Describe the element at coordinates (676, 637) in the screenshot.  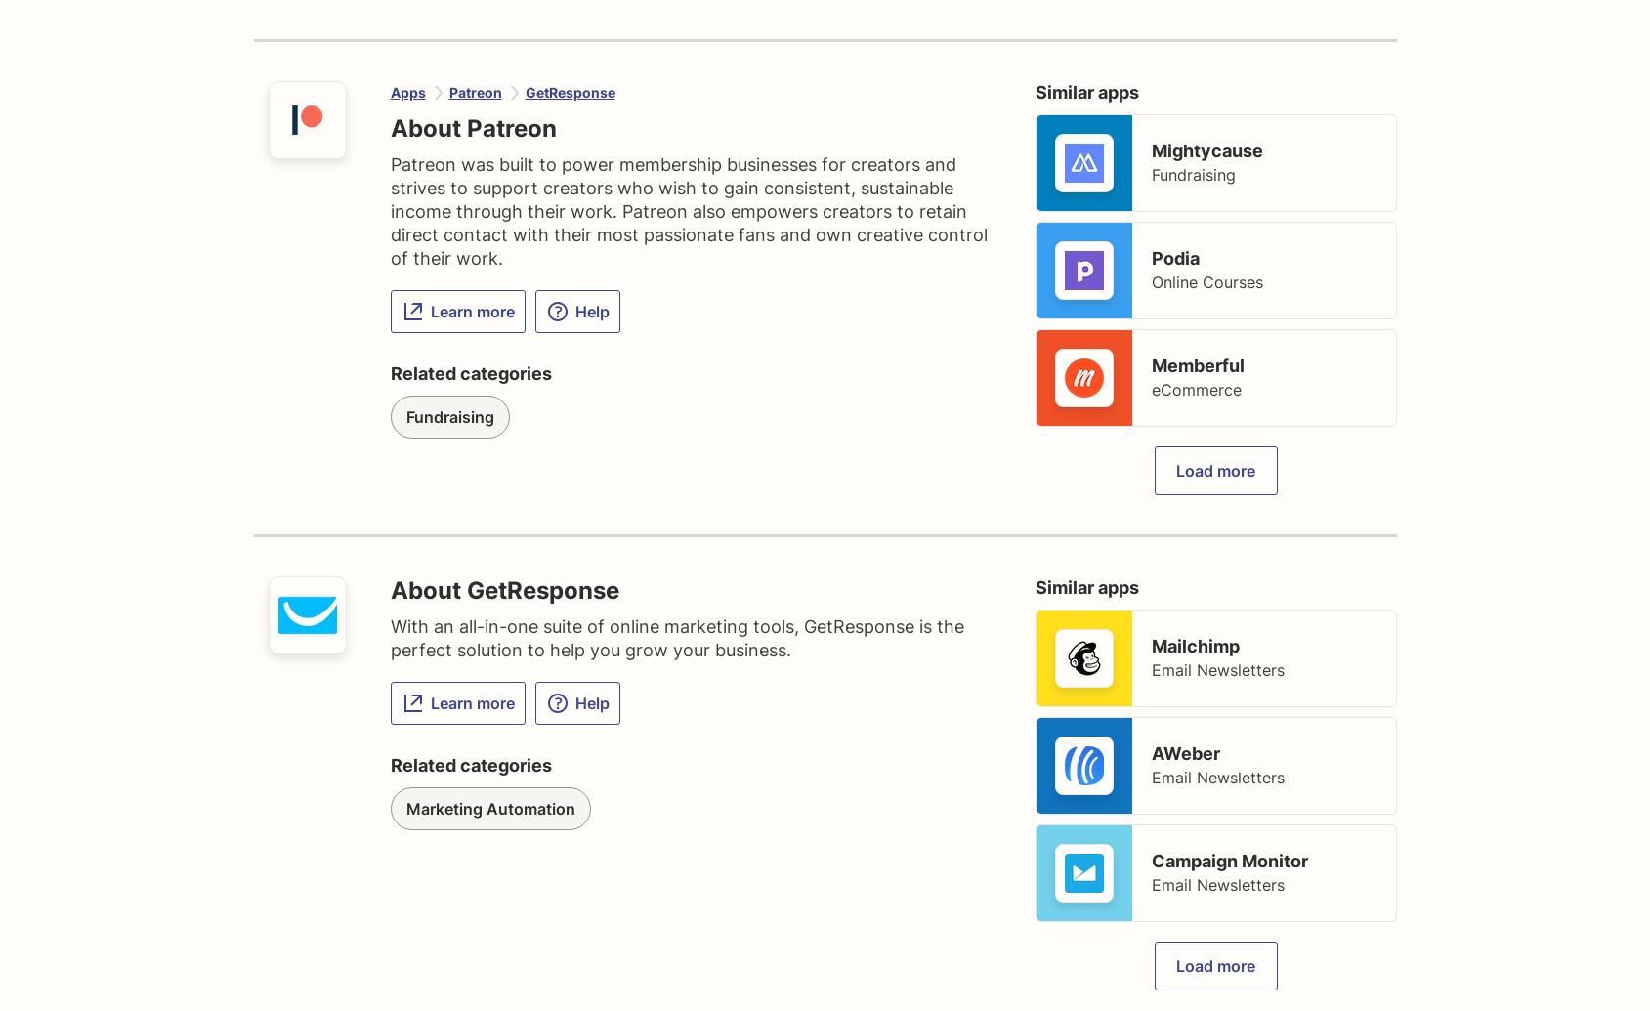
I see `'With an all-in-one suite of online marketing tools, GetResponse is the perfect solution to help you grow your business.'` at that location.